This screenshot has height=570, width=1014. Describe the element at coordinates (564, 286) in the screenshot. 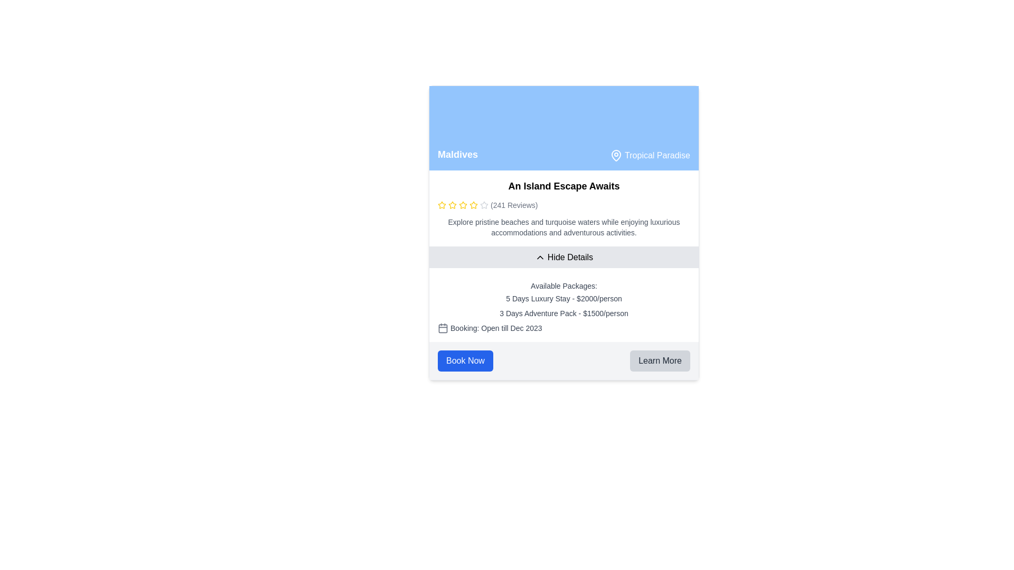

I see `the text label reading 'Available Packages:' which is centrally aligned above the list of packages` at that location.